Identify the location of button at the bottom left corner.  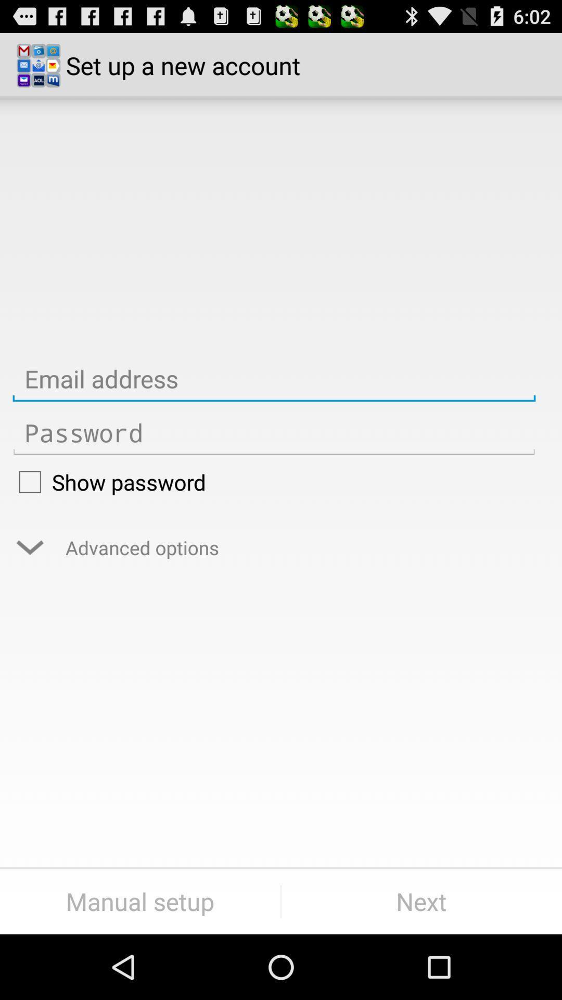
(139, 901).